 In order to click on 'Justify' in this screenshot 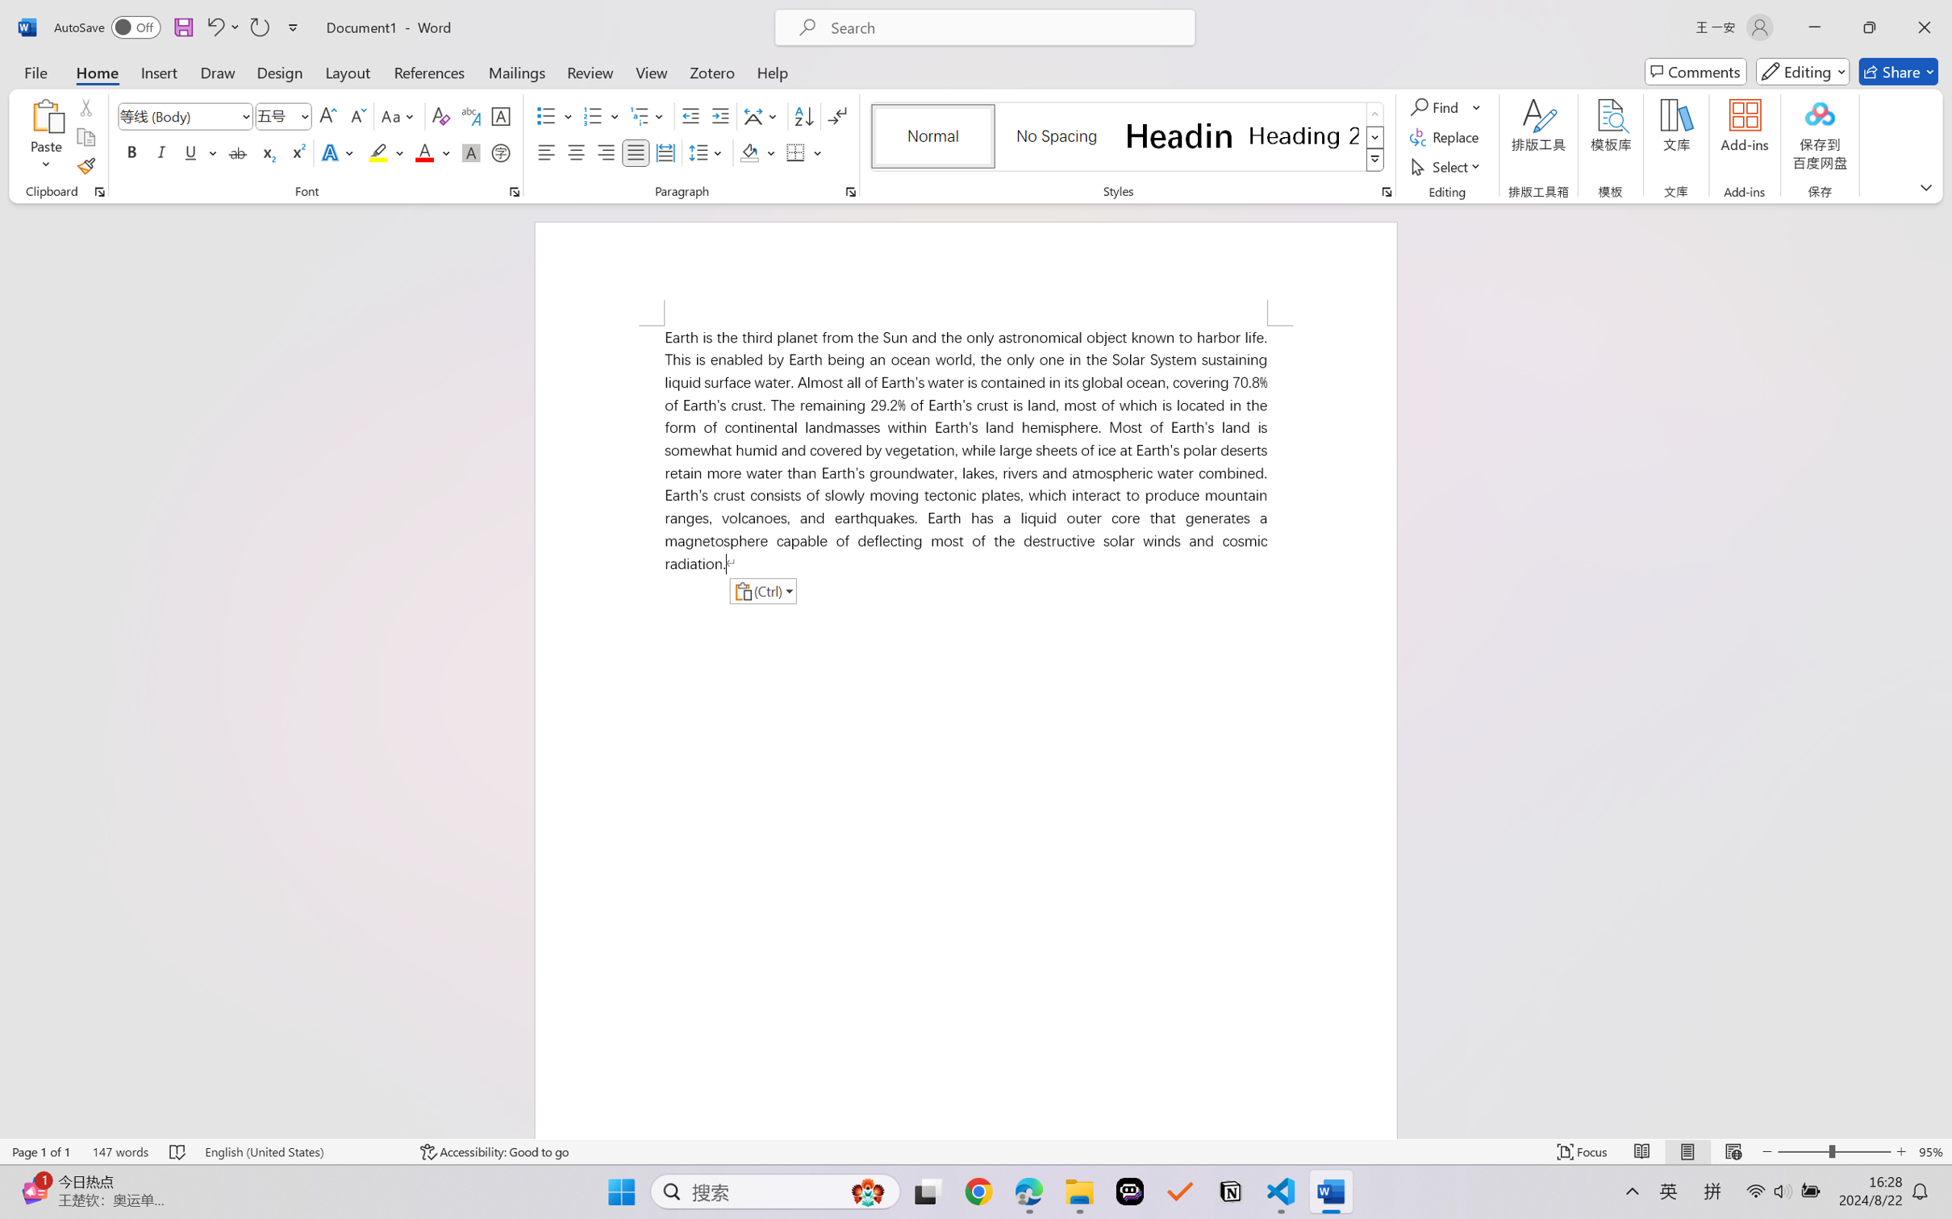, I will do `click(635, 152)`.